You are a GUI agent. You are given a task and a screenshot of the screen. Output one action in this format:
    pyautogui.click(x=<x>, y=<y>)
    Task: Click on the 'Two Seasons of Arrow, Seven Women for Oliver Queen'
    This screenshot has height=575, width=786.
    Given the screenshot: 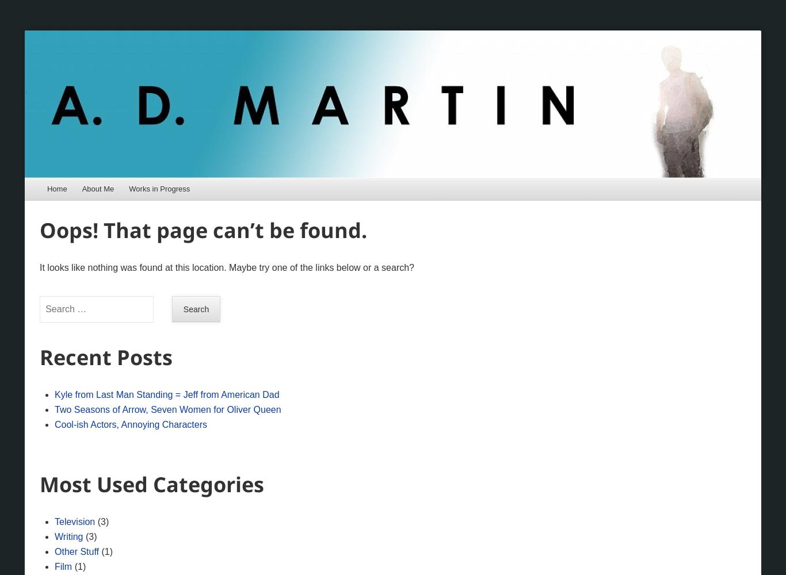 What is the action you would take?
    pyautogui.click(x=167, y=409)
    